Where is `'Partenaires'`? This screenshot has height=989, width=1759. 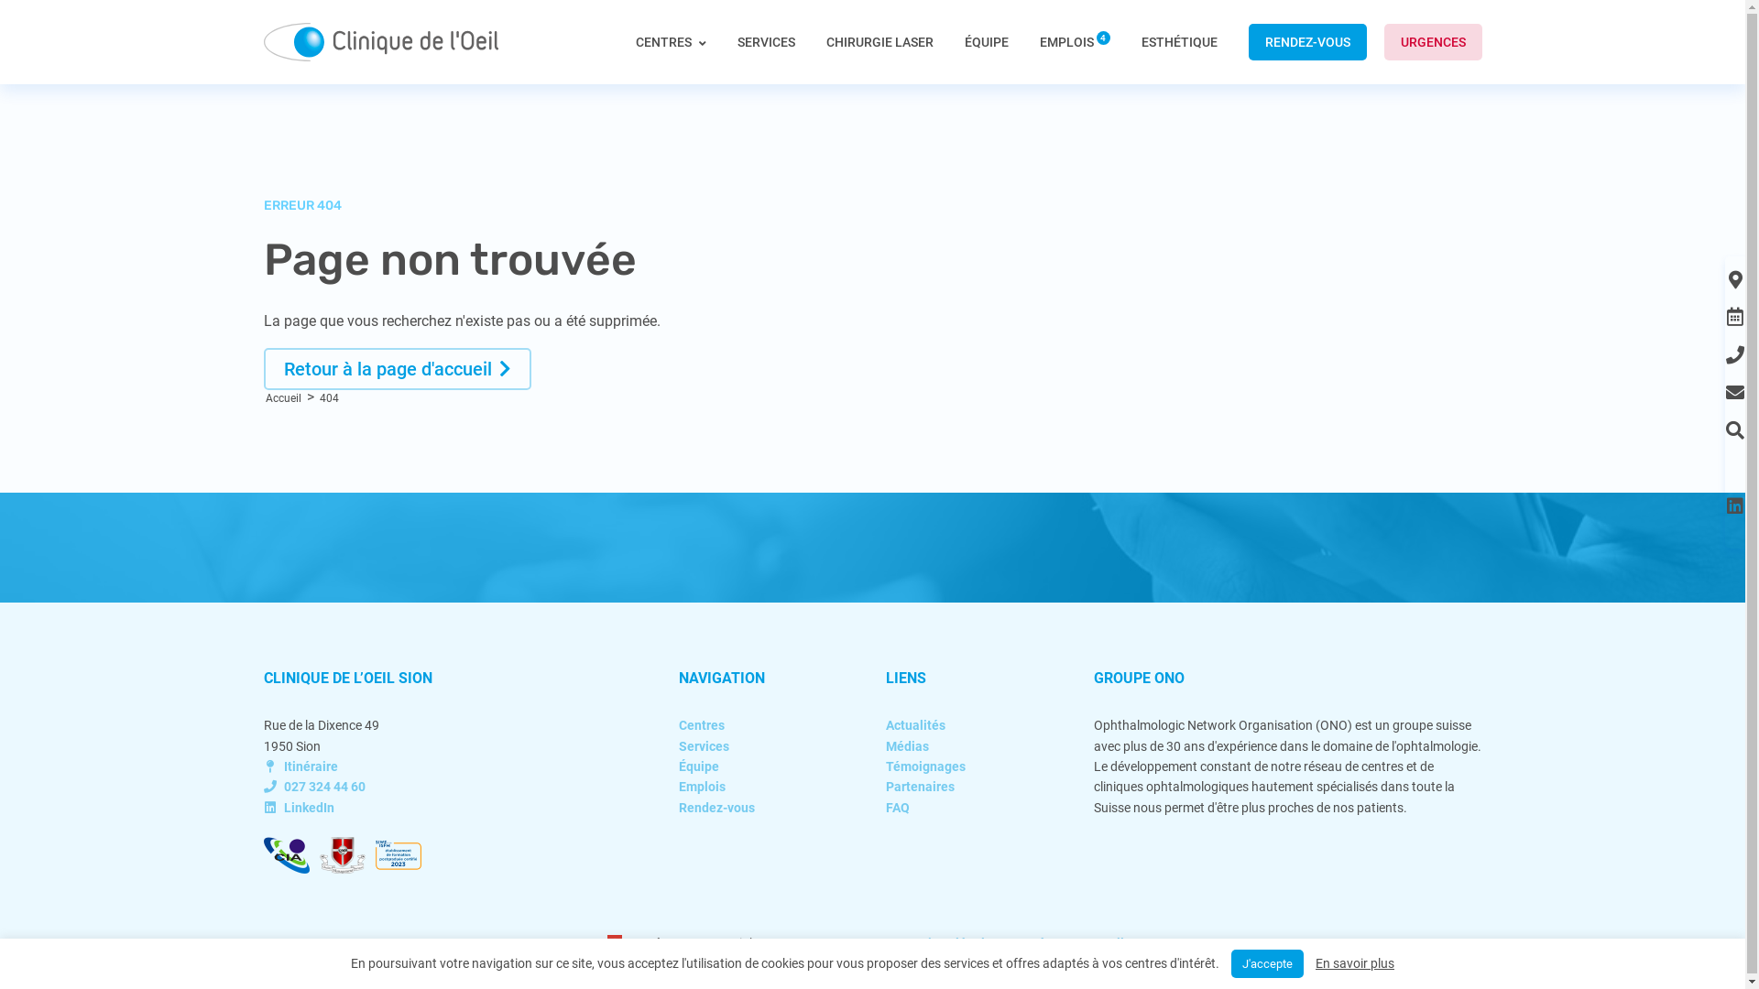
'Partenaires' is located at coordinates (920, 786).